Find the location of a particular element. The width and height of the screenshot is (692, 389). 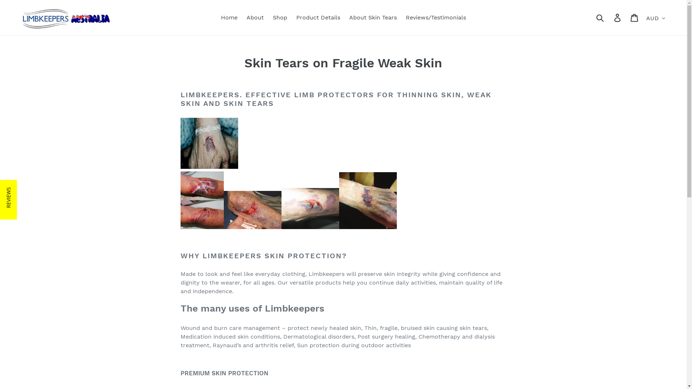

'Reviews/Testimonials' is located at coordinates (435, 17).